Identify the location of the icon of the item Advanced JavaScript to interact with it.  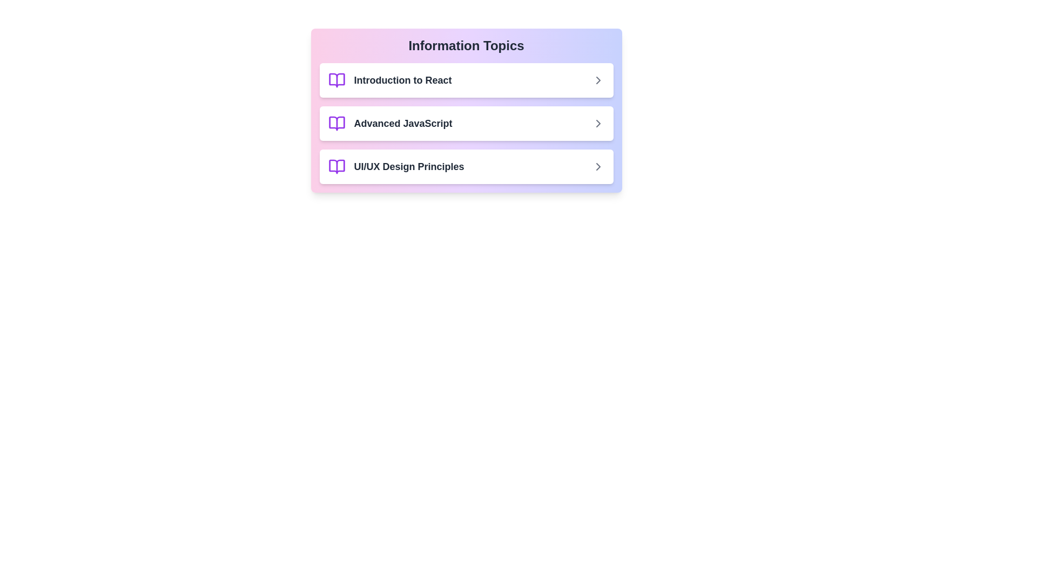
(336, 123).